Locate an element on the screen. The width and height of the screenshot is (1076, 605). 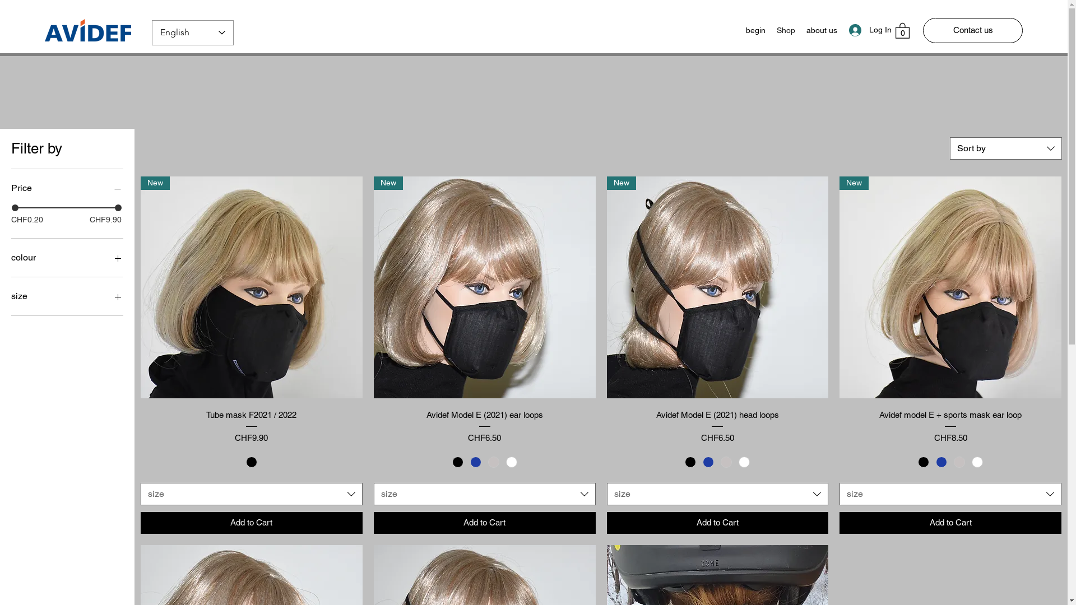
'Contact us' is located at coordinates (972, 30).